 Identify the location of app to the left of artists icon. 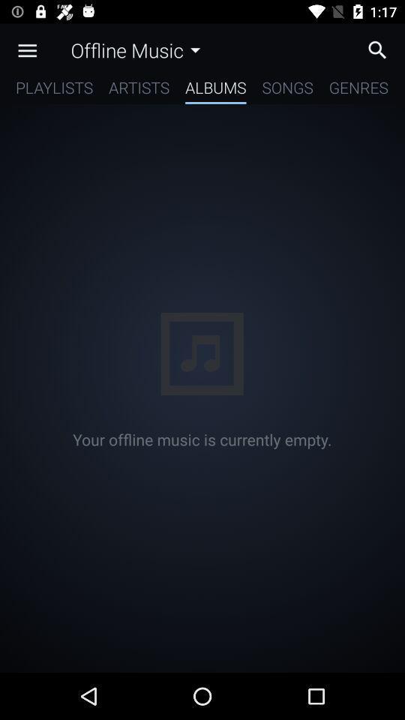
(53, 90).